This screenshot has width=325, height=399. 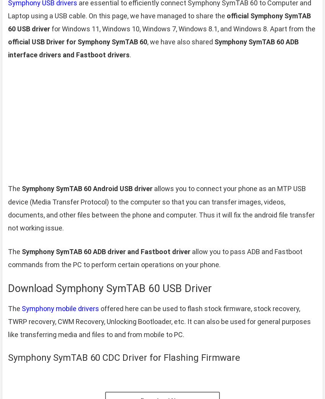 I want to click on 'official Symphony SymTAB 60 USB driver', so click(x=159, y=21).